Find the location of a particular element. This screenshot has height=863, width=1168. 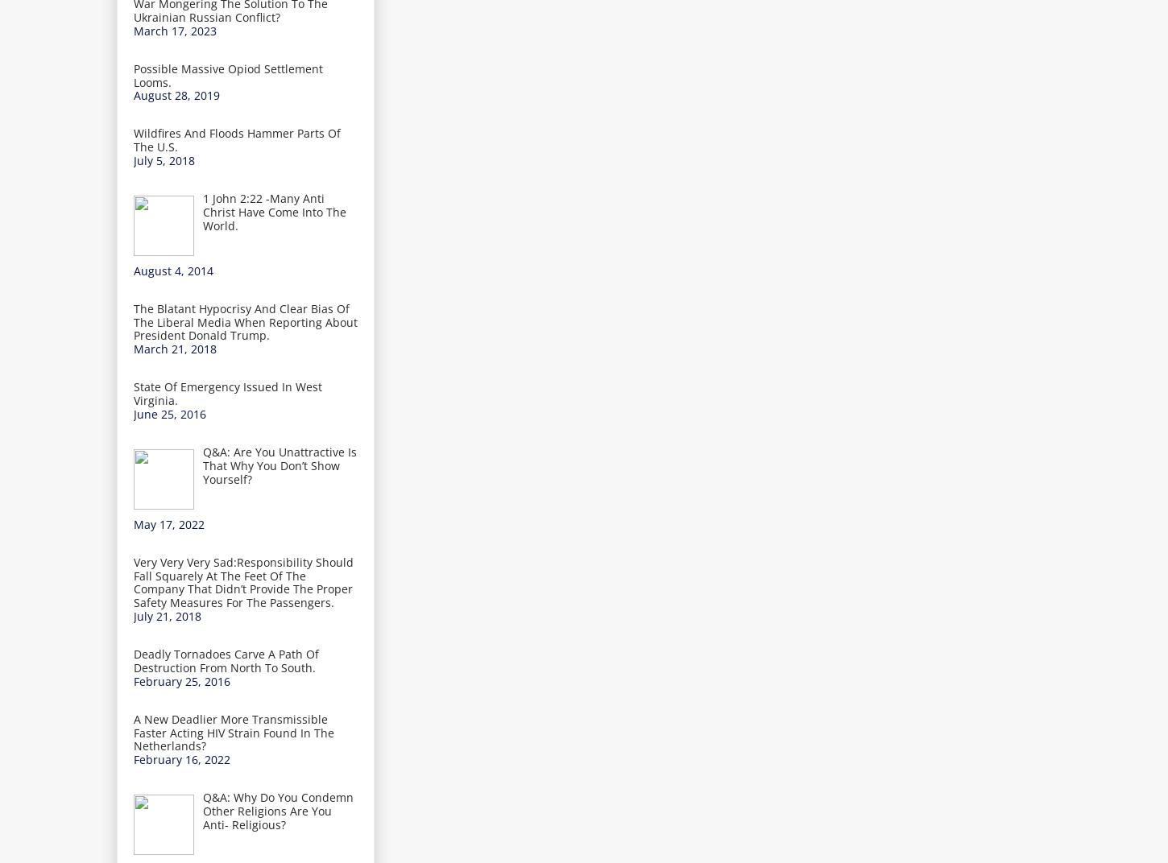

'1 John 2:22 -Many Anti Christ  Have Come Into The World.' is located at coordinates (201, 211).